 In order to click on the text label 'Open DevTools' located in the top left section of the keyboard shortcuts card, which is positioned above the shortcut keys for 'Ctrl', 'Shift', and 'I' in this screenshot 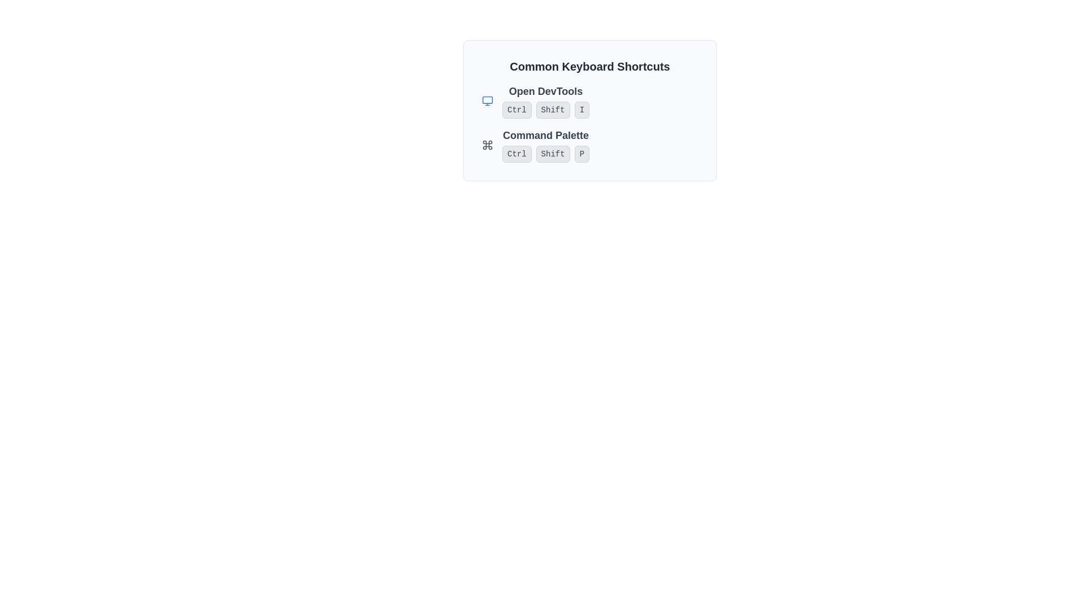, I will do `click(545, 91)`.